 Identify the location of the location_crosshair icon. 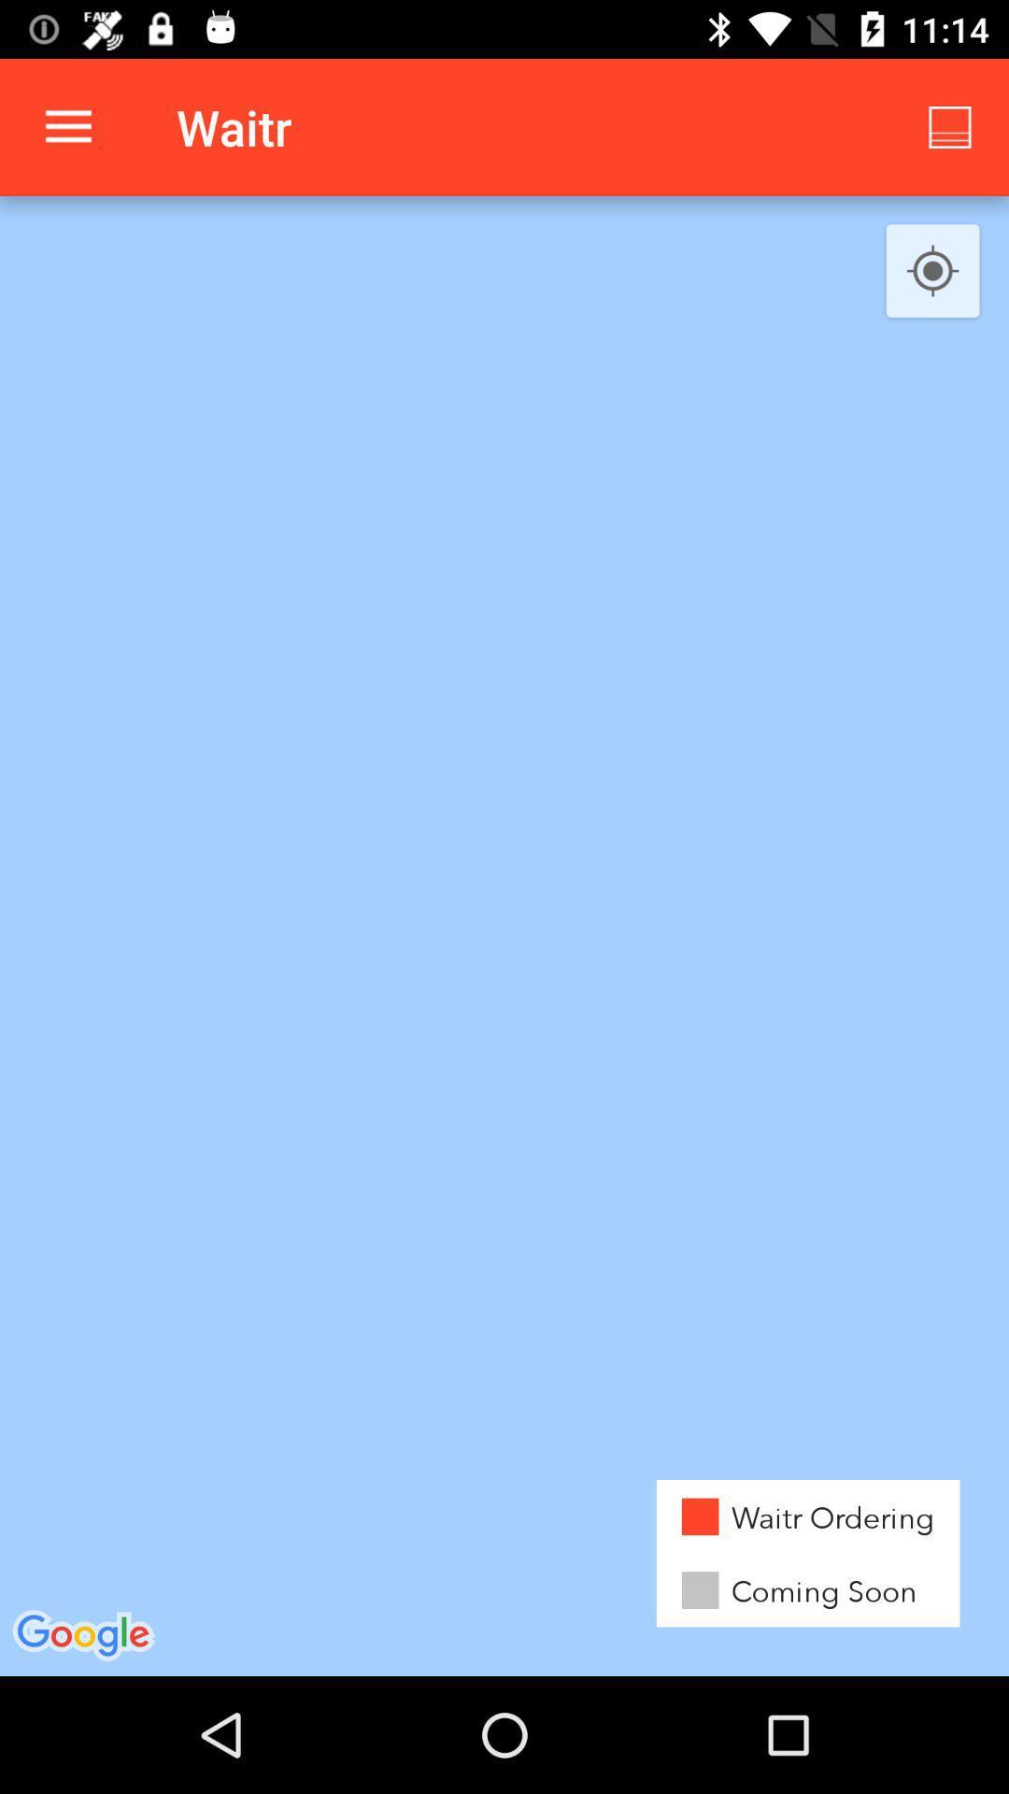
(932, 271).